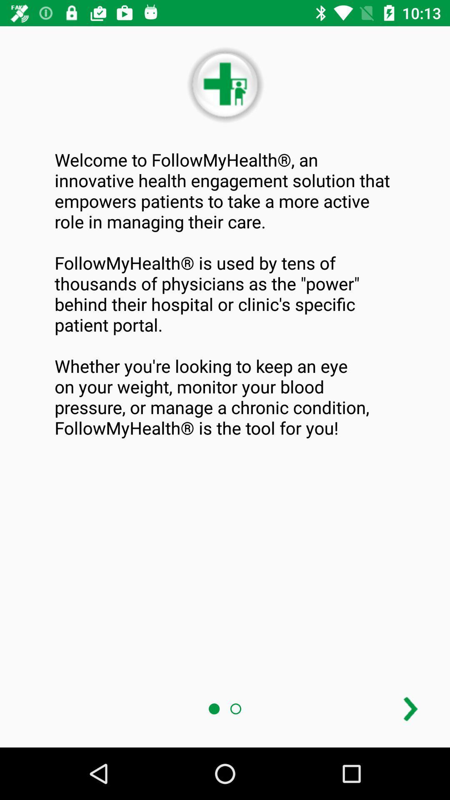 The image size is (450, 800). What do you see at coordinates (410, 708) in the screenshot?
I see `next page` at bounding box center [410, 708].